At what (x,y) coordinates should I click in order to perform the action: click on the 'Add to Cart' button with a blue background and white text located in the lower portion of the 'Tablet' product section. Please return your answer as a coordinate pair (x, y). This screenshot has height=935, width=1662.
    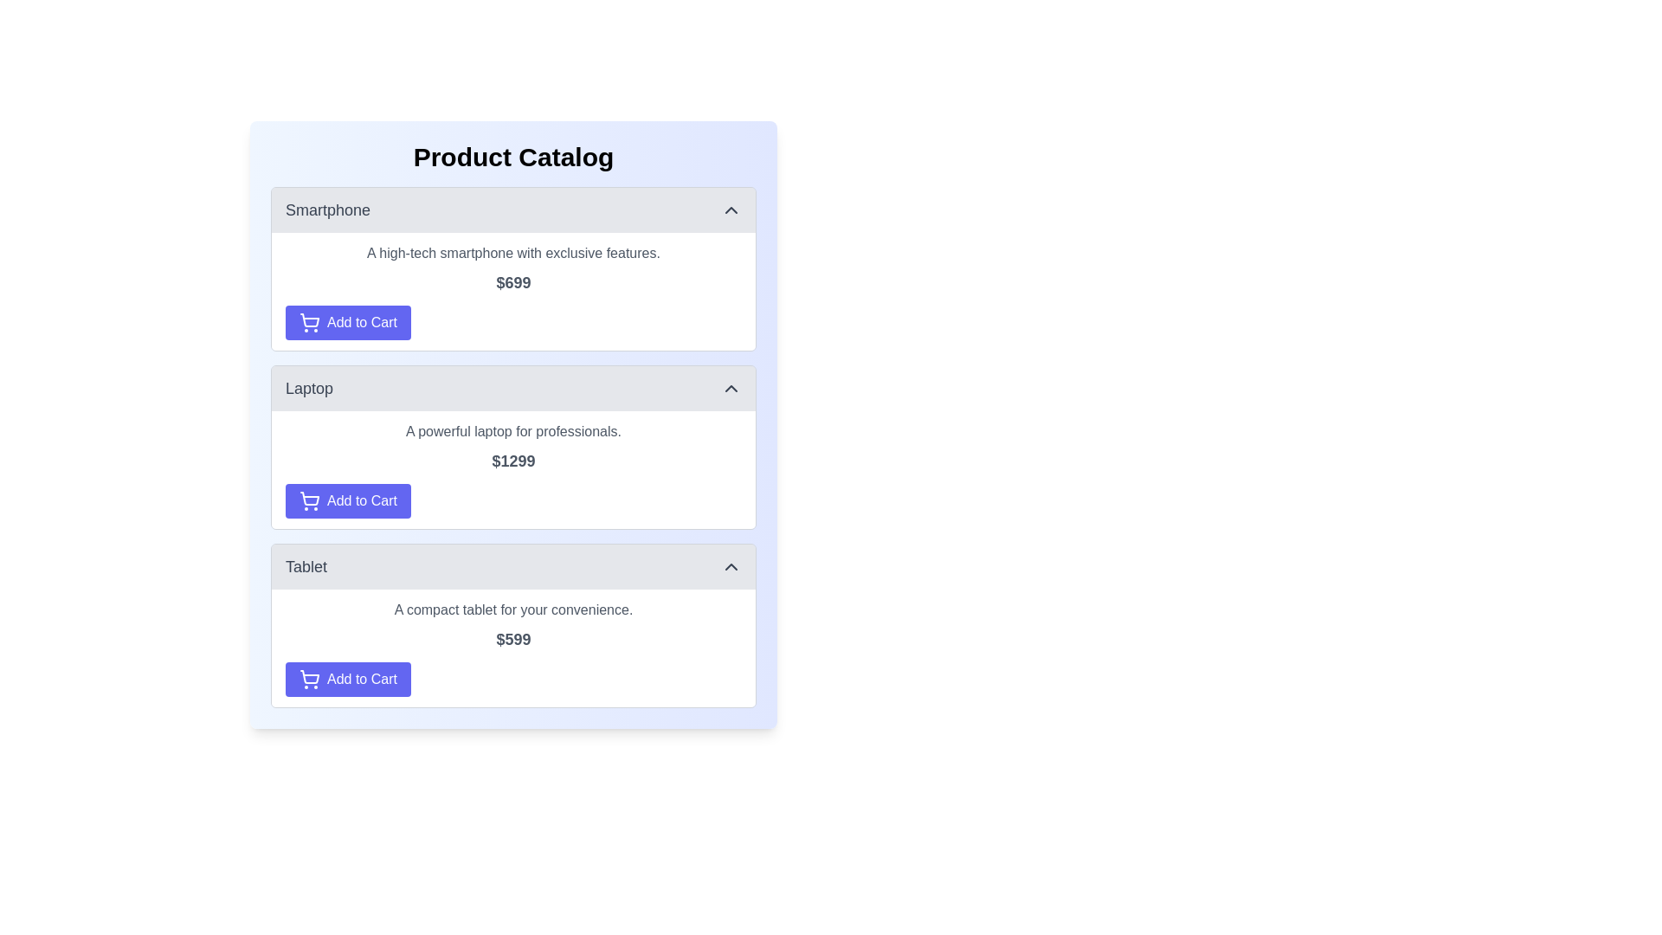
    Looking at the image, I should click on (347, 679).